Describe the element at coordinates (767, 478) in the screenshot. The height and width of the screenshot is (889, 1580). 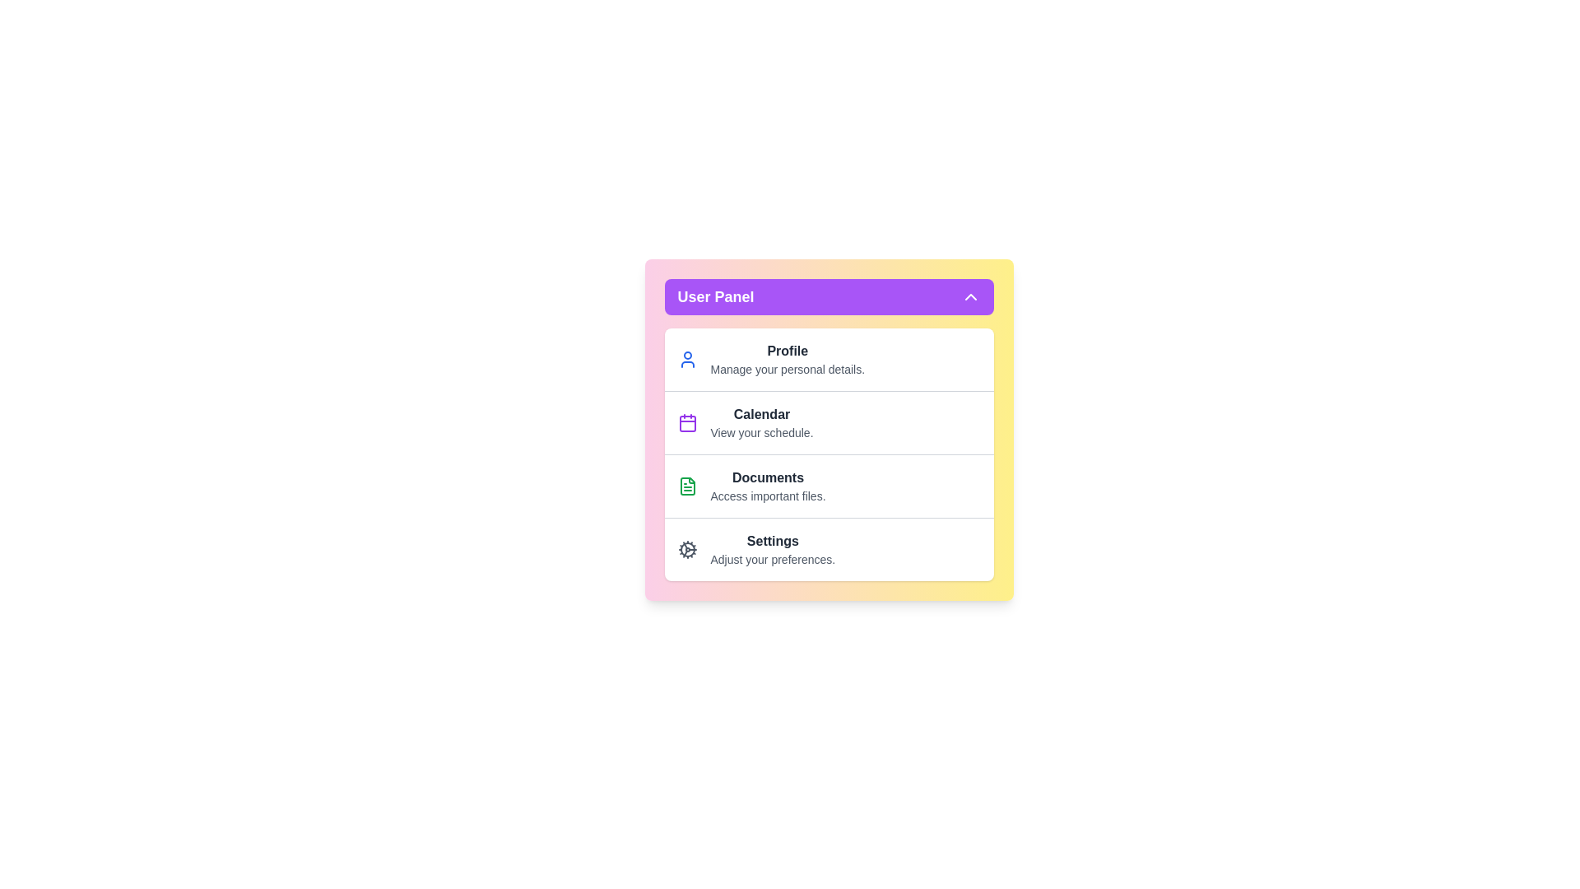
I see `the bold text element labeled 'Documents' in the User Panel, which is styled in dark gray and positioned above the description 'Access important files.'` at that location.